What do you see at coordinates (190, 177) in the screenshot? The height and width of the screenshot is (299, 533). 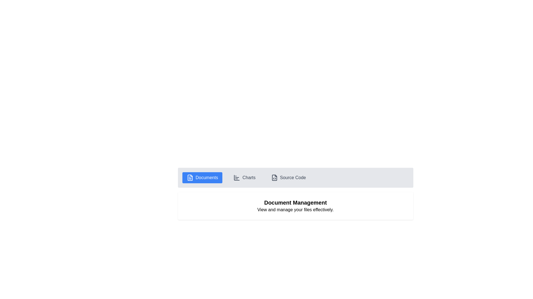 I see `the document-shaped icon button with a blue background` at bounding box center [190, 177].